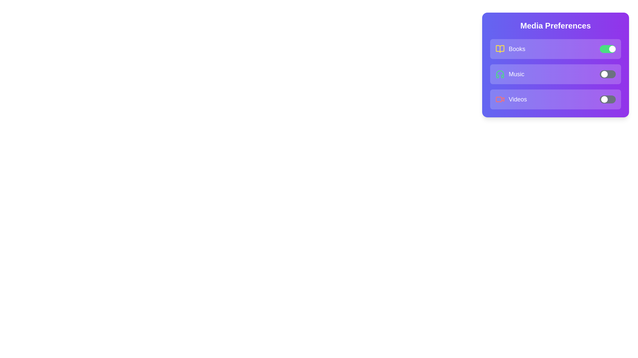  I want to click on the 'Books' category icon in the 'Media Preferences' section, which is located at the top-left corner of the 'Books' row, next to the label 'Books', so click(500, 48).